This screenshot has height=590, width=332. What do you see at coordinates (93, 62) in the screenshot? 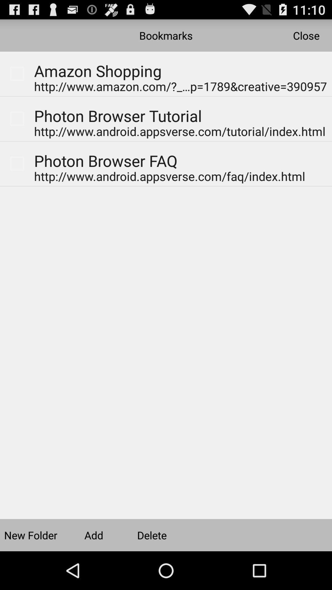
I see `amazon shopping` at bounding box center [93, 62].